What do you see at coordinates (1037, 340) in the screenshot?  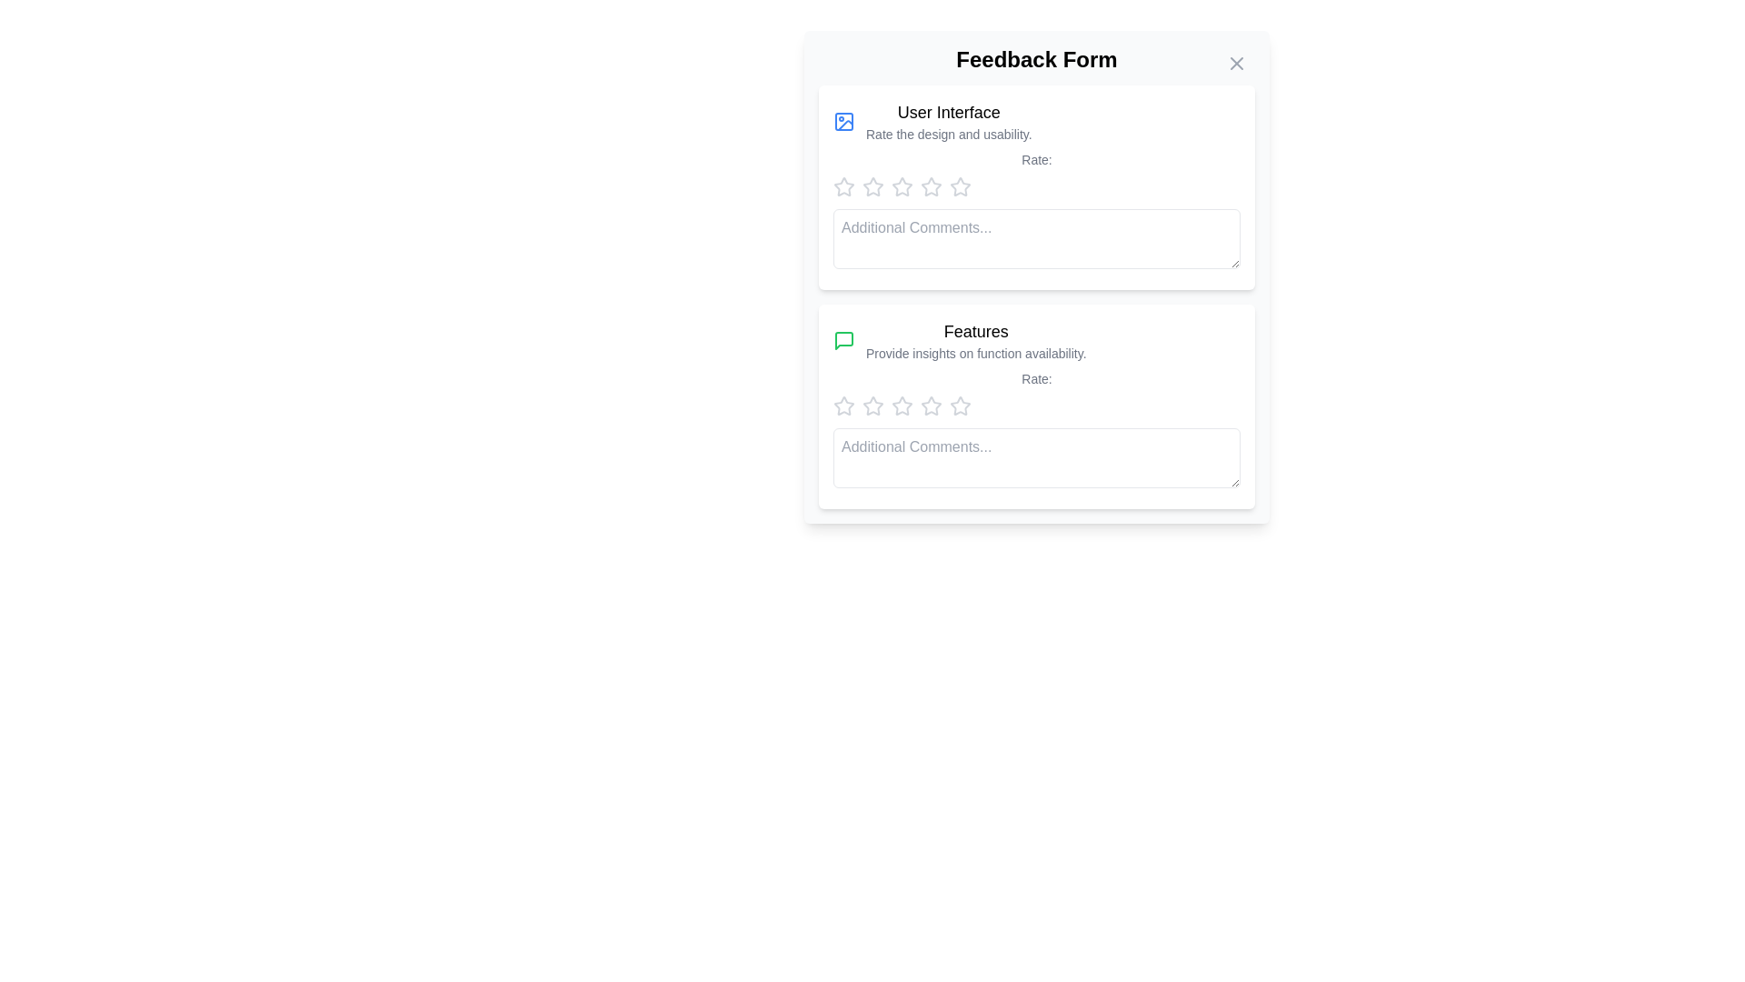 I see `the header icon in the feedback form's second section` at bounding box center [1037, 340].